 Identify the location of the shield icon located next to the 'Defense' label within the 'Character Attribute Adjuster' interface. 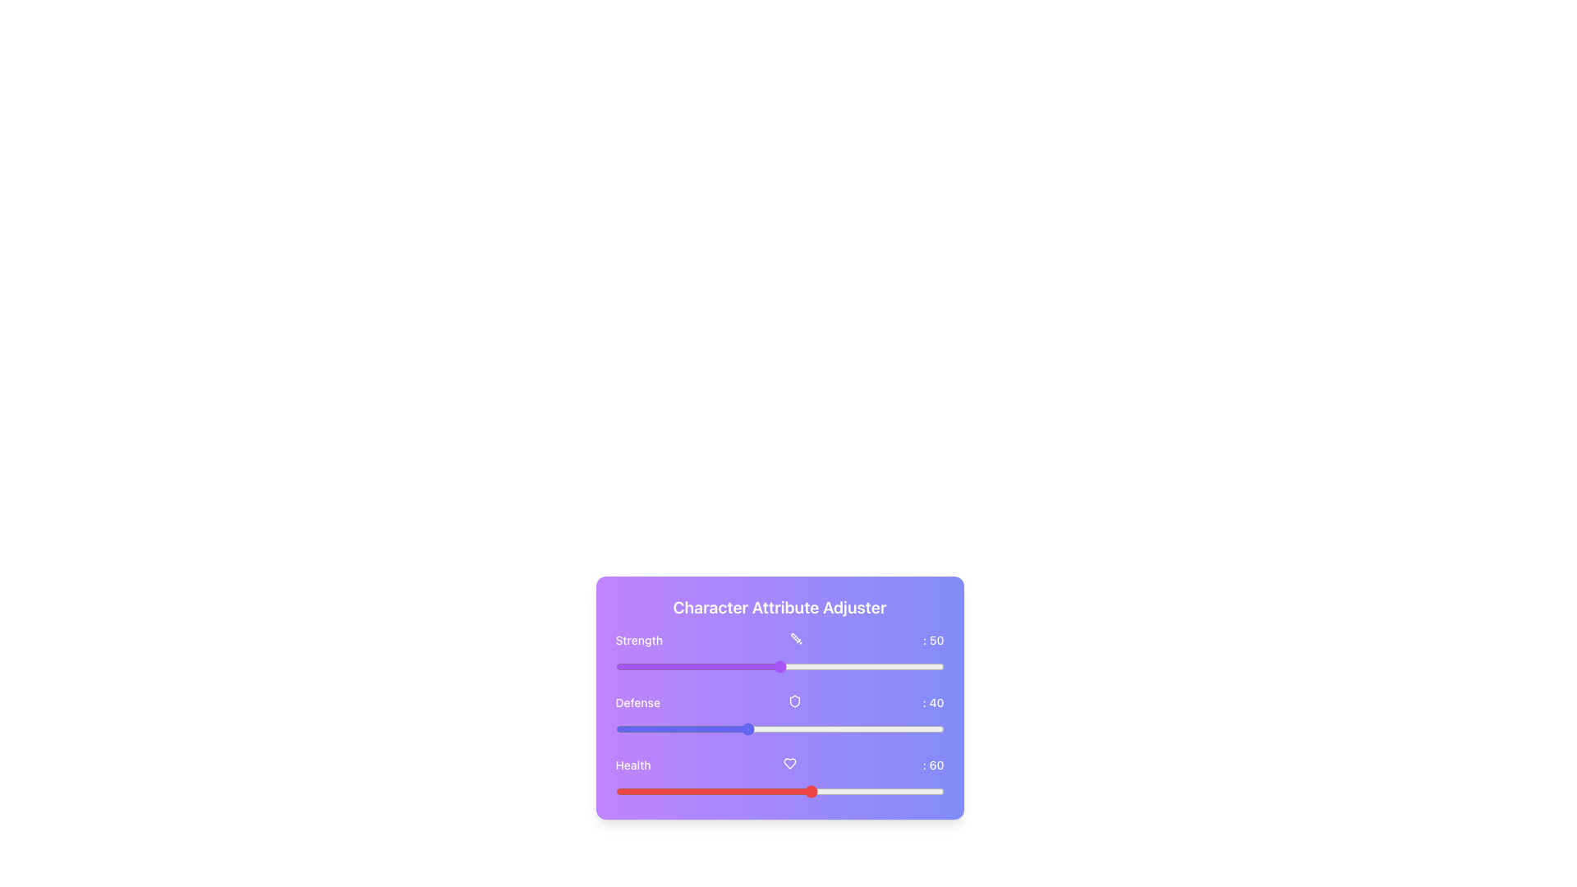
(794, 701).